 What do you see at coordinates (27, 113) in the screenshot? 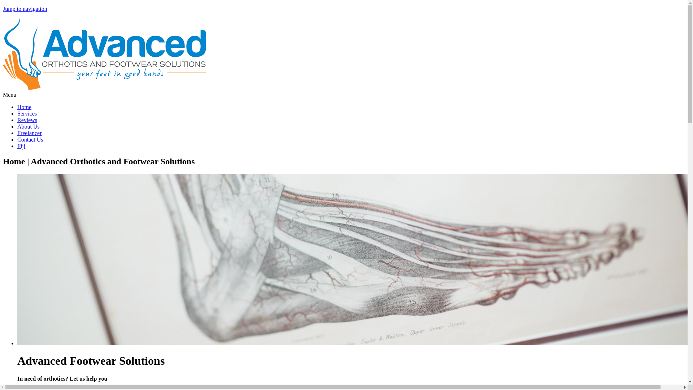
I see `'Services'` at bounding box center [27, 113].